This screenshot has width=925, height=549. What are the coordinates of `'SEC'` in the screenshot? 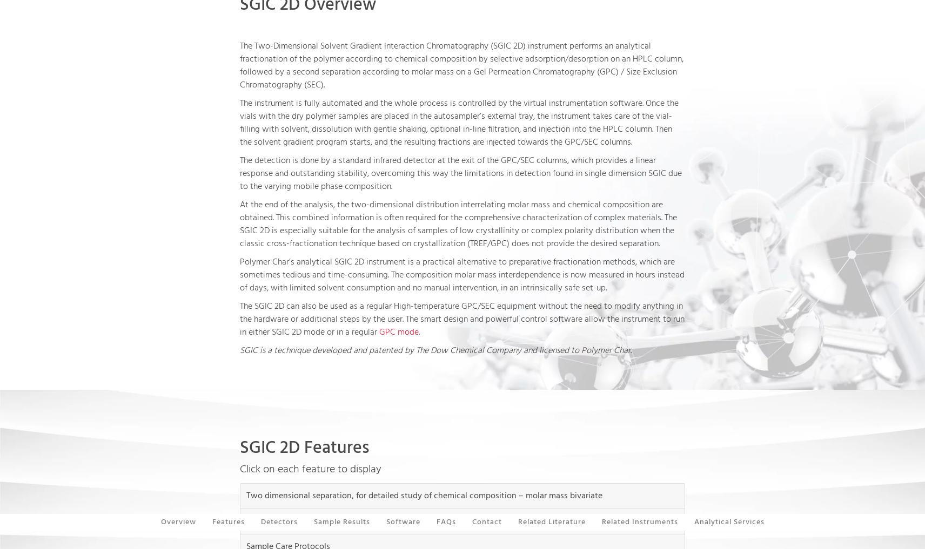 It's located at (306, 85).